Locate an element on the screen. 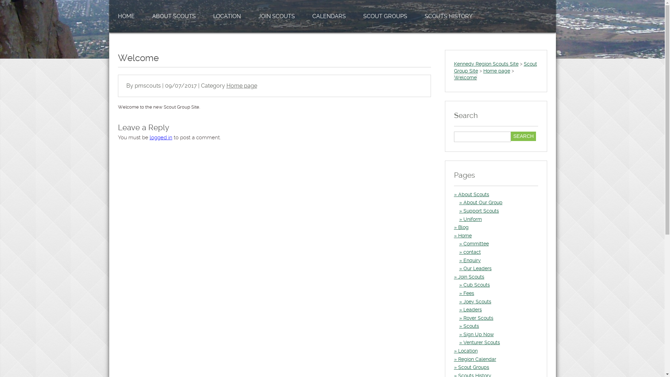  'SCOUT GROUPS' is located at coordinates (385, 16).